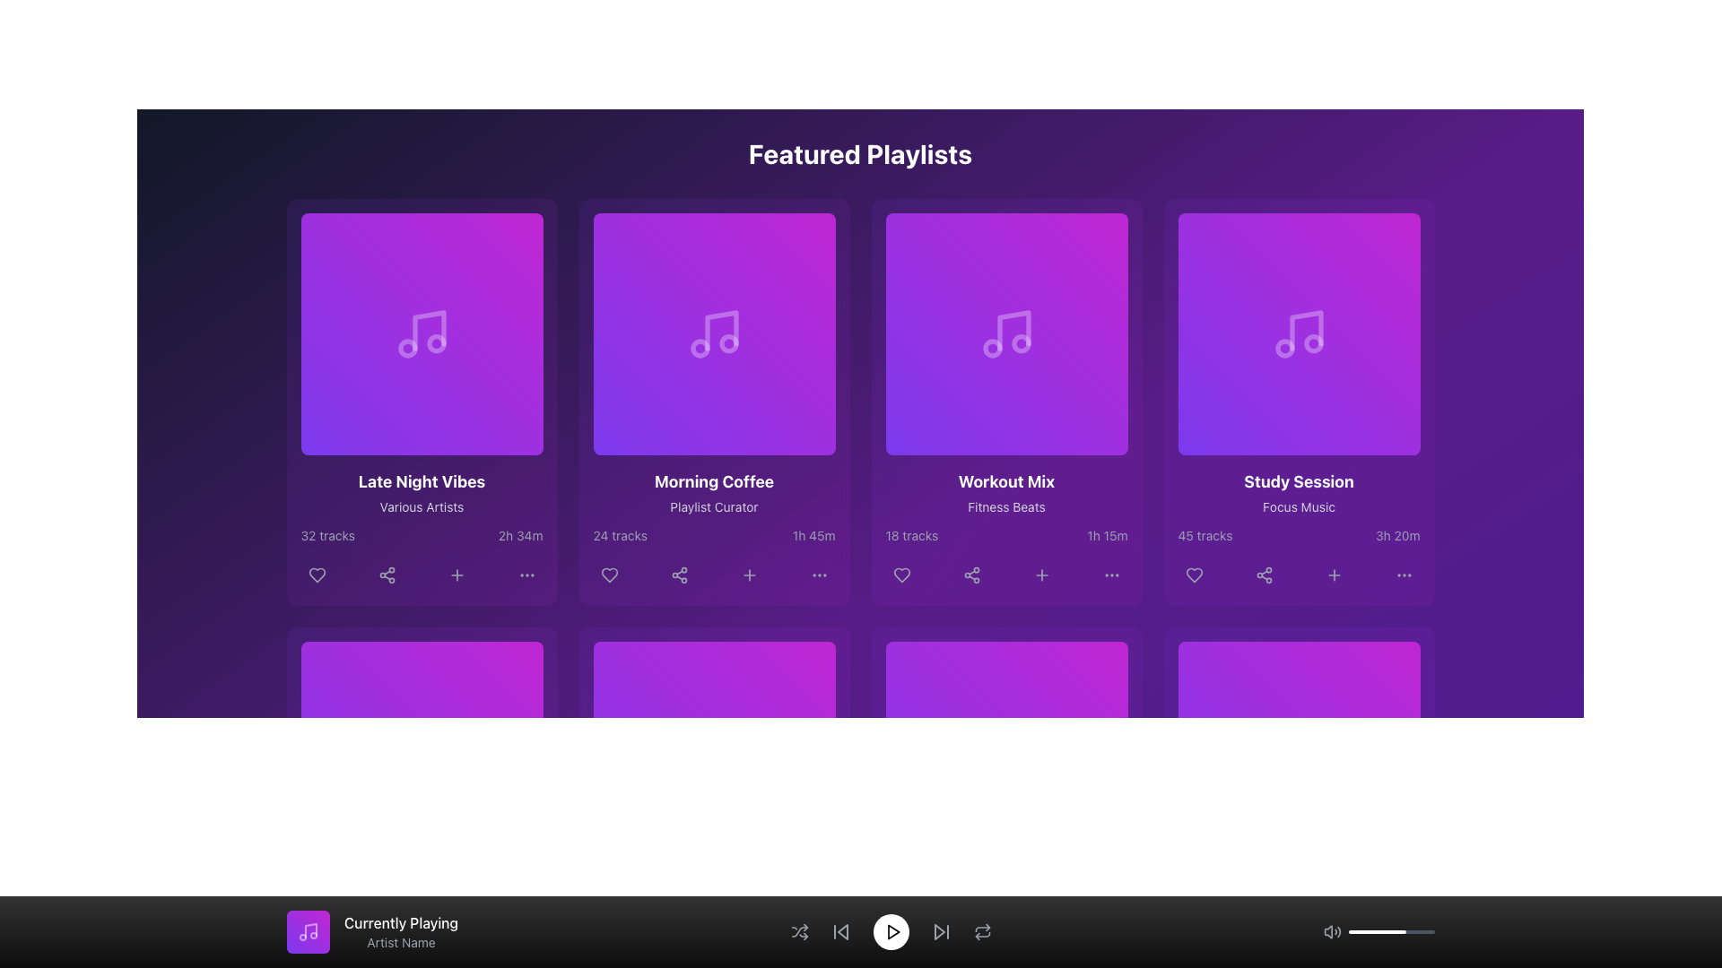 Image resolution: width=1722 pixels, height=968 pixels. What do you see at coordinates (309, 931) in the screenshot?
I see `the square-shaped button with a gradient background from violet to fuchsia, featuring a white musical note icon` at bounding box center [309, 931].